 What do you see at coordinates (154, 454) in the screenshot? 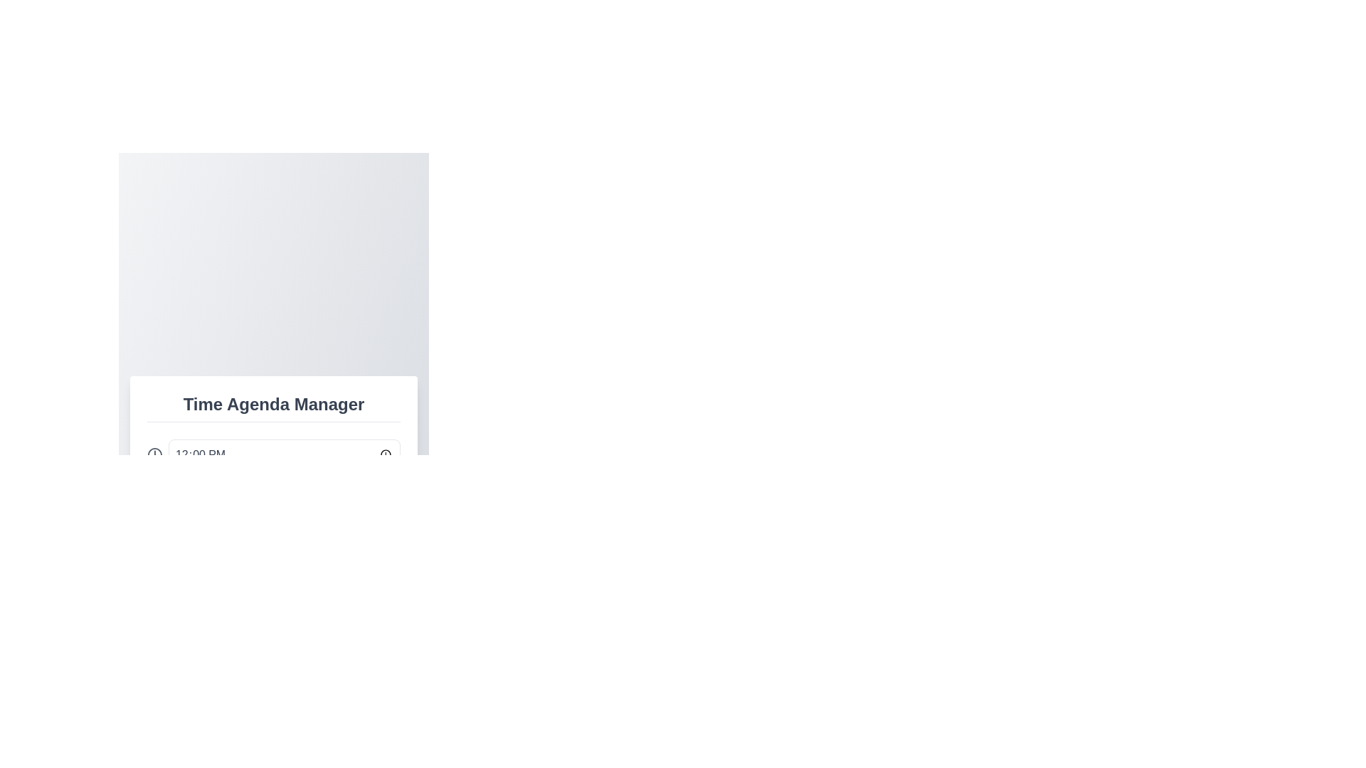
I see `the clock icon located at the leftmost part of a horizontal group before the time input field` at bounding box center [154, 454].